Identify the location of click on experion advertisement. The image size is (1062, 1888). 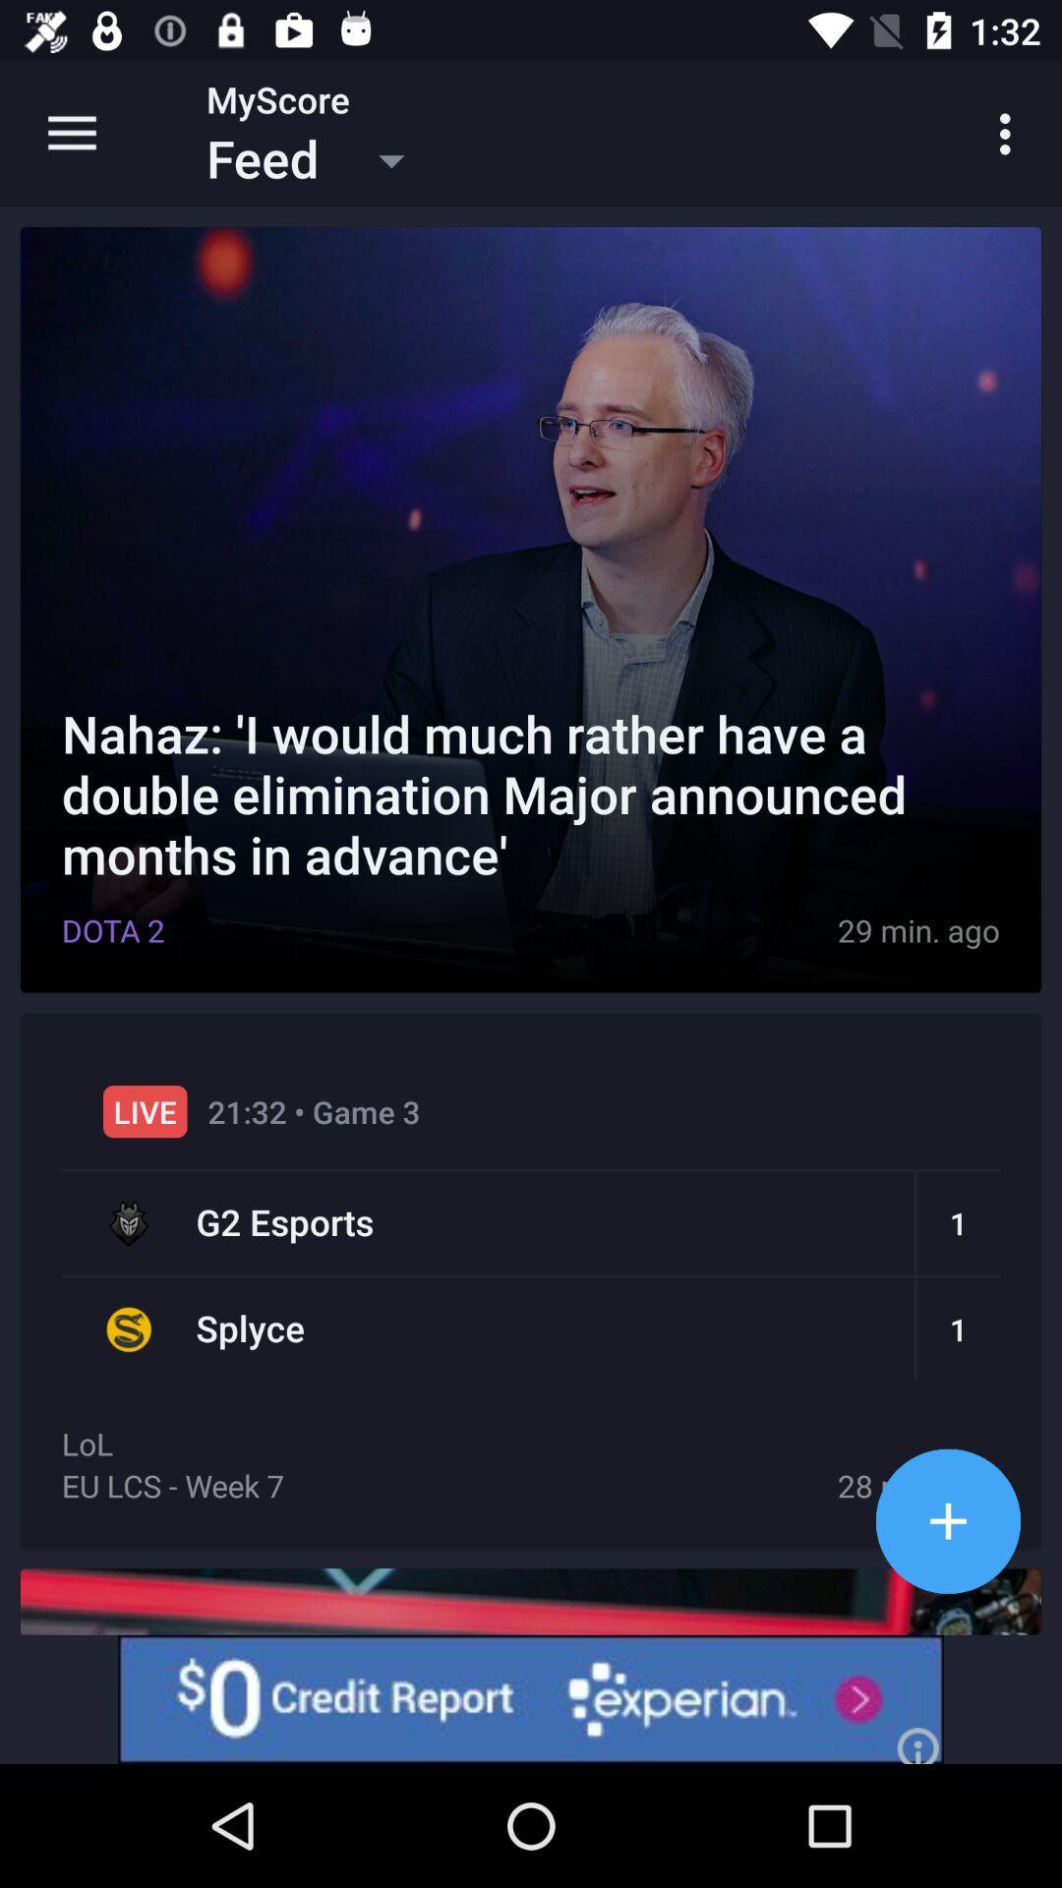
(531, 1698).